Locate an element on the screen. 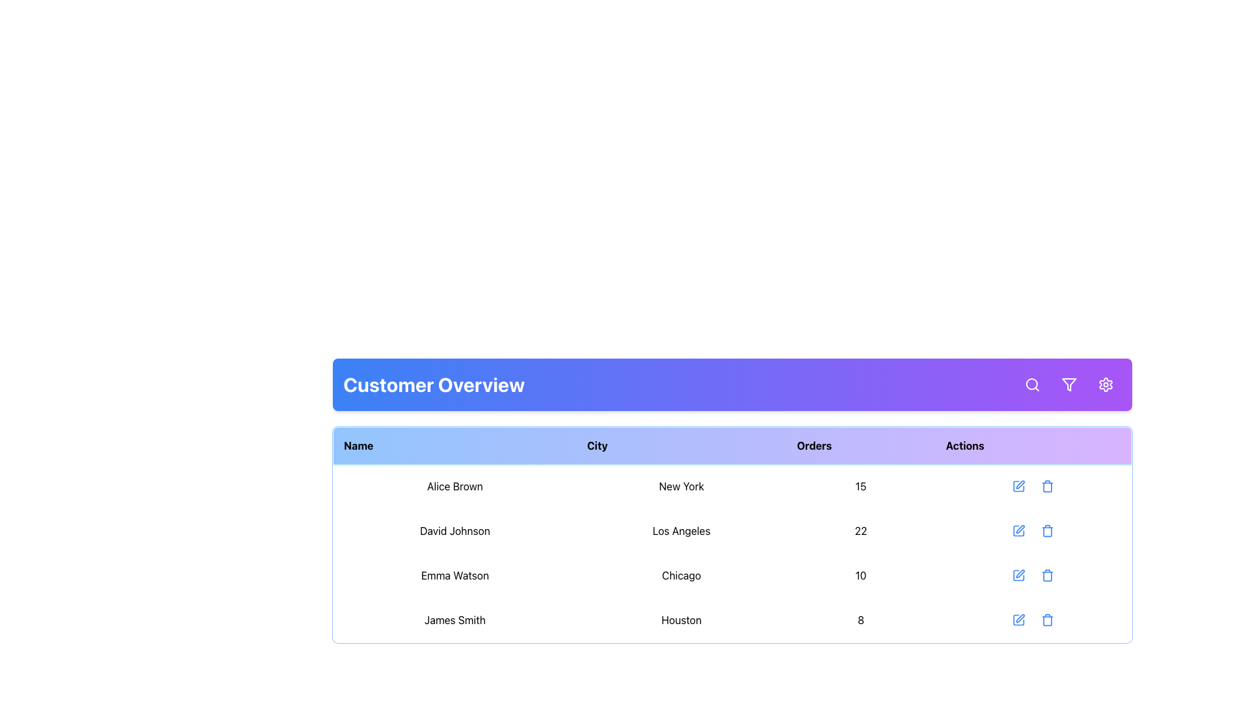  the static text header that serves as the title for the customer data section, located at the top of the interface with a gradient background from blue to purple is located at coordinates (434, 383).